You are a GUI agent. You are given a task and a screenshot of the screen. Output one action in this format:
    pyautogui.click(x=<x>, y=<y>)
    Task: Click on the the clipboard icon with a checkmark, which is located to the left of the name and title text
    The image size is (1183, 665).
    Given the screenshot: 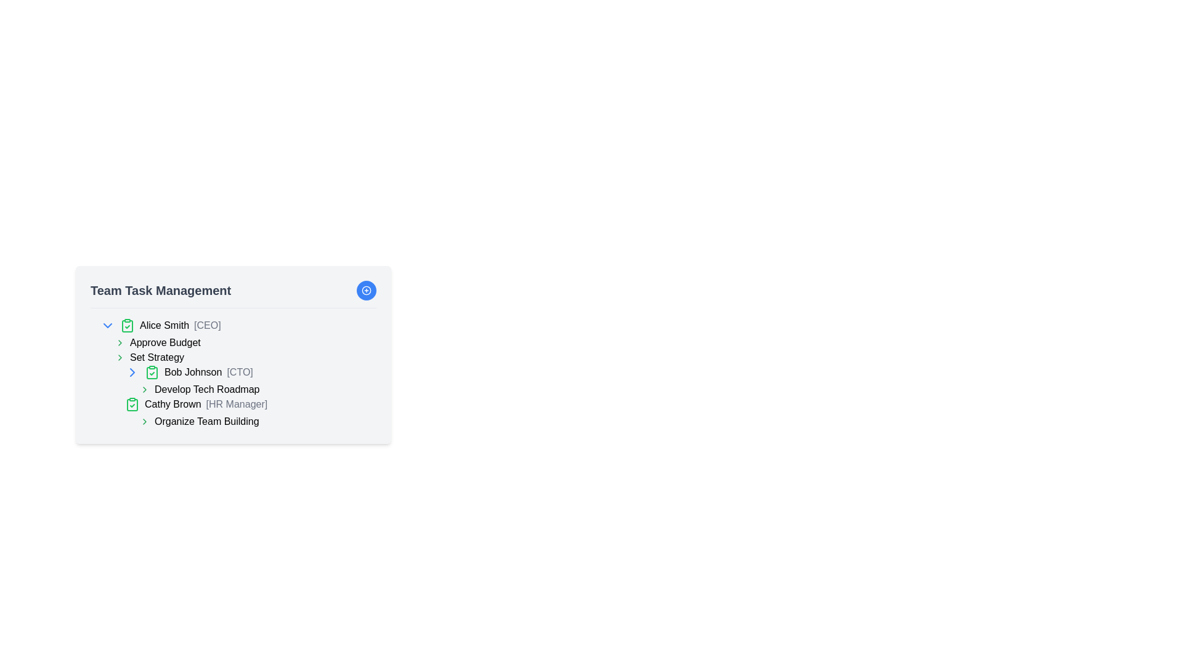 What is the action you would take?
    pyautogui.click(x=151, y=372)
    